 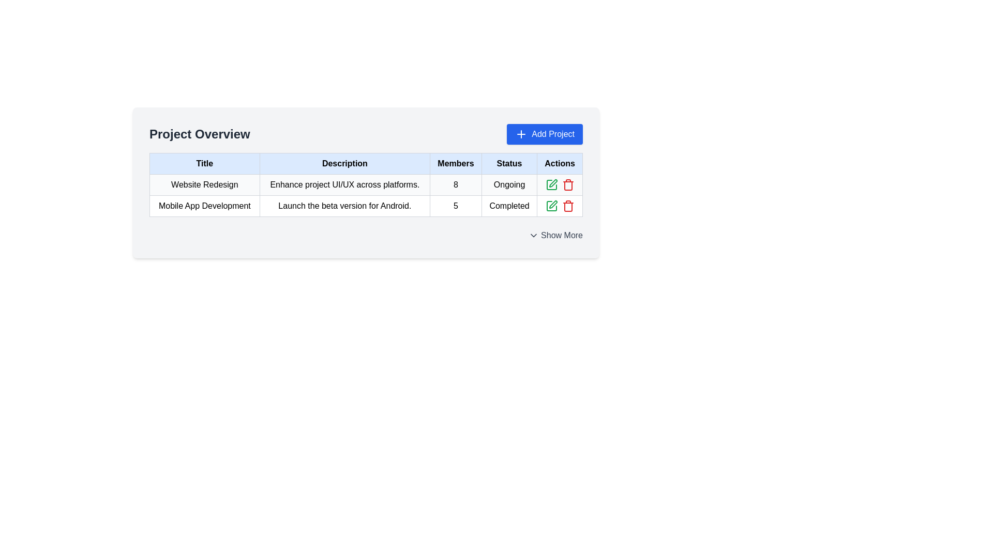 I want to click on the Table Header Cell that labels the second column in the table, located between the 'Title' and 'Members' columns, so click(x=366, y=163).